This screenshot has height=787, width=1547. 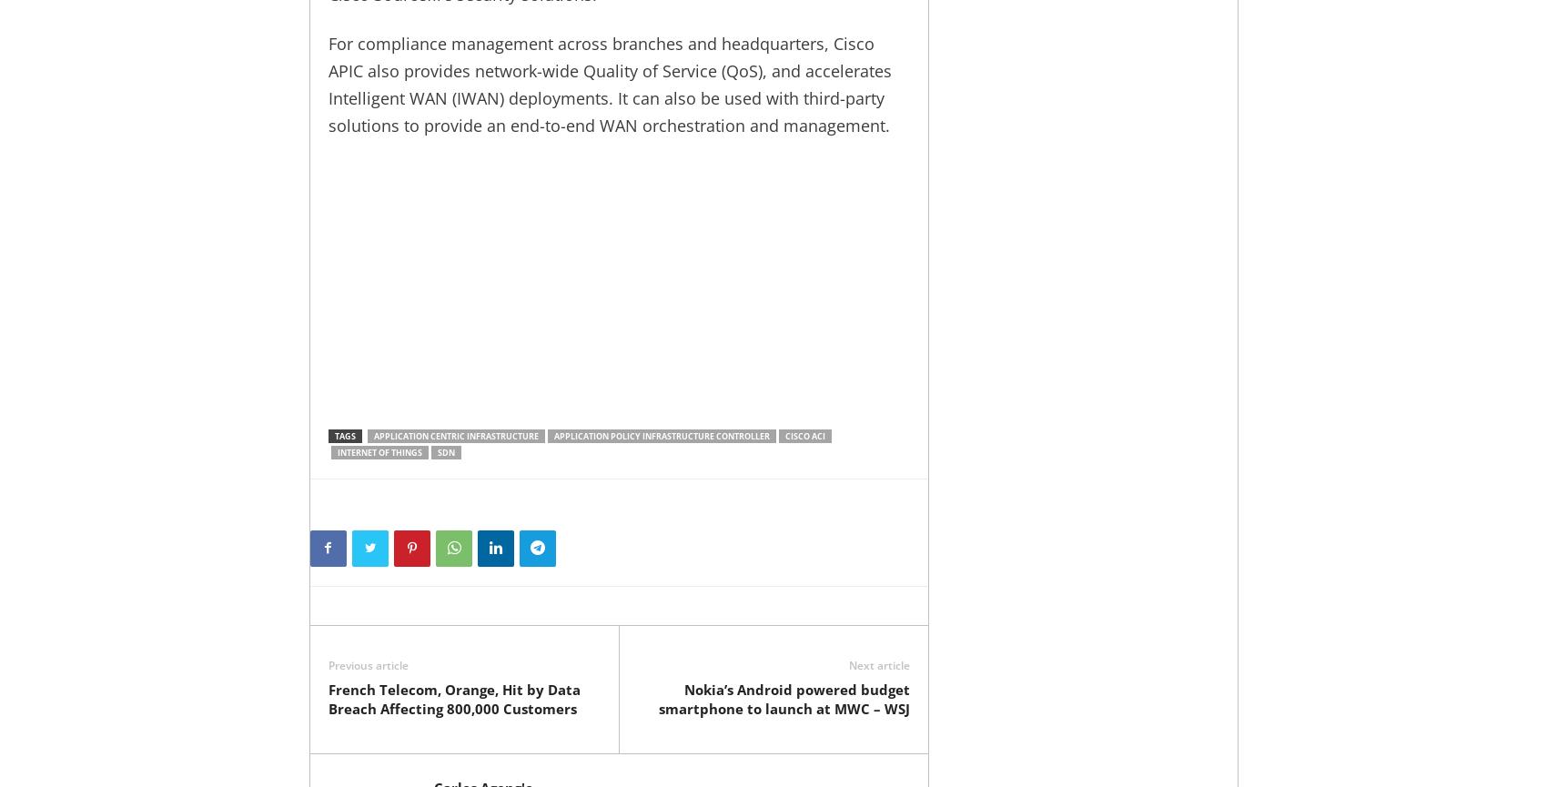 What do you see at coordinates (877, 664) in the screenshot?
I see `'Next article'` at bounding box center [877, 664].